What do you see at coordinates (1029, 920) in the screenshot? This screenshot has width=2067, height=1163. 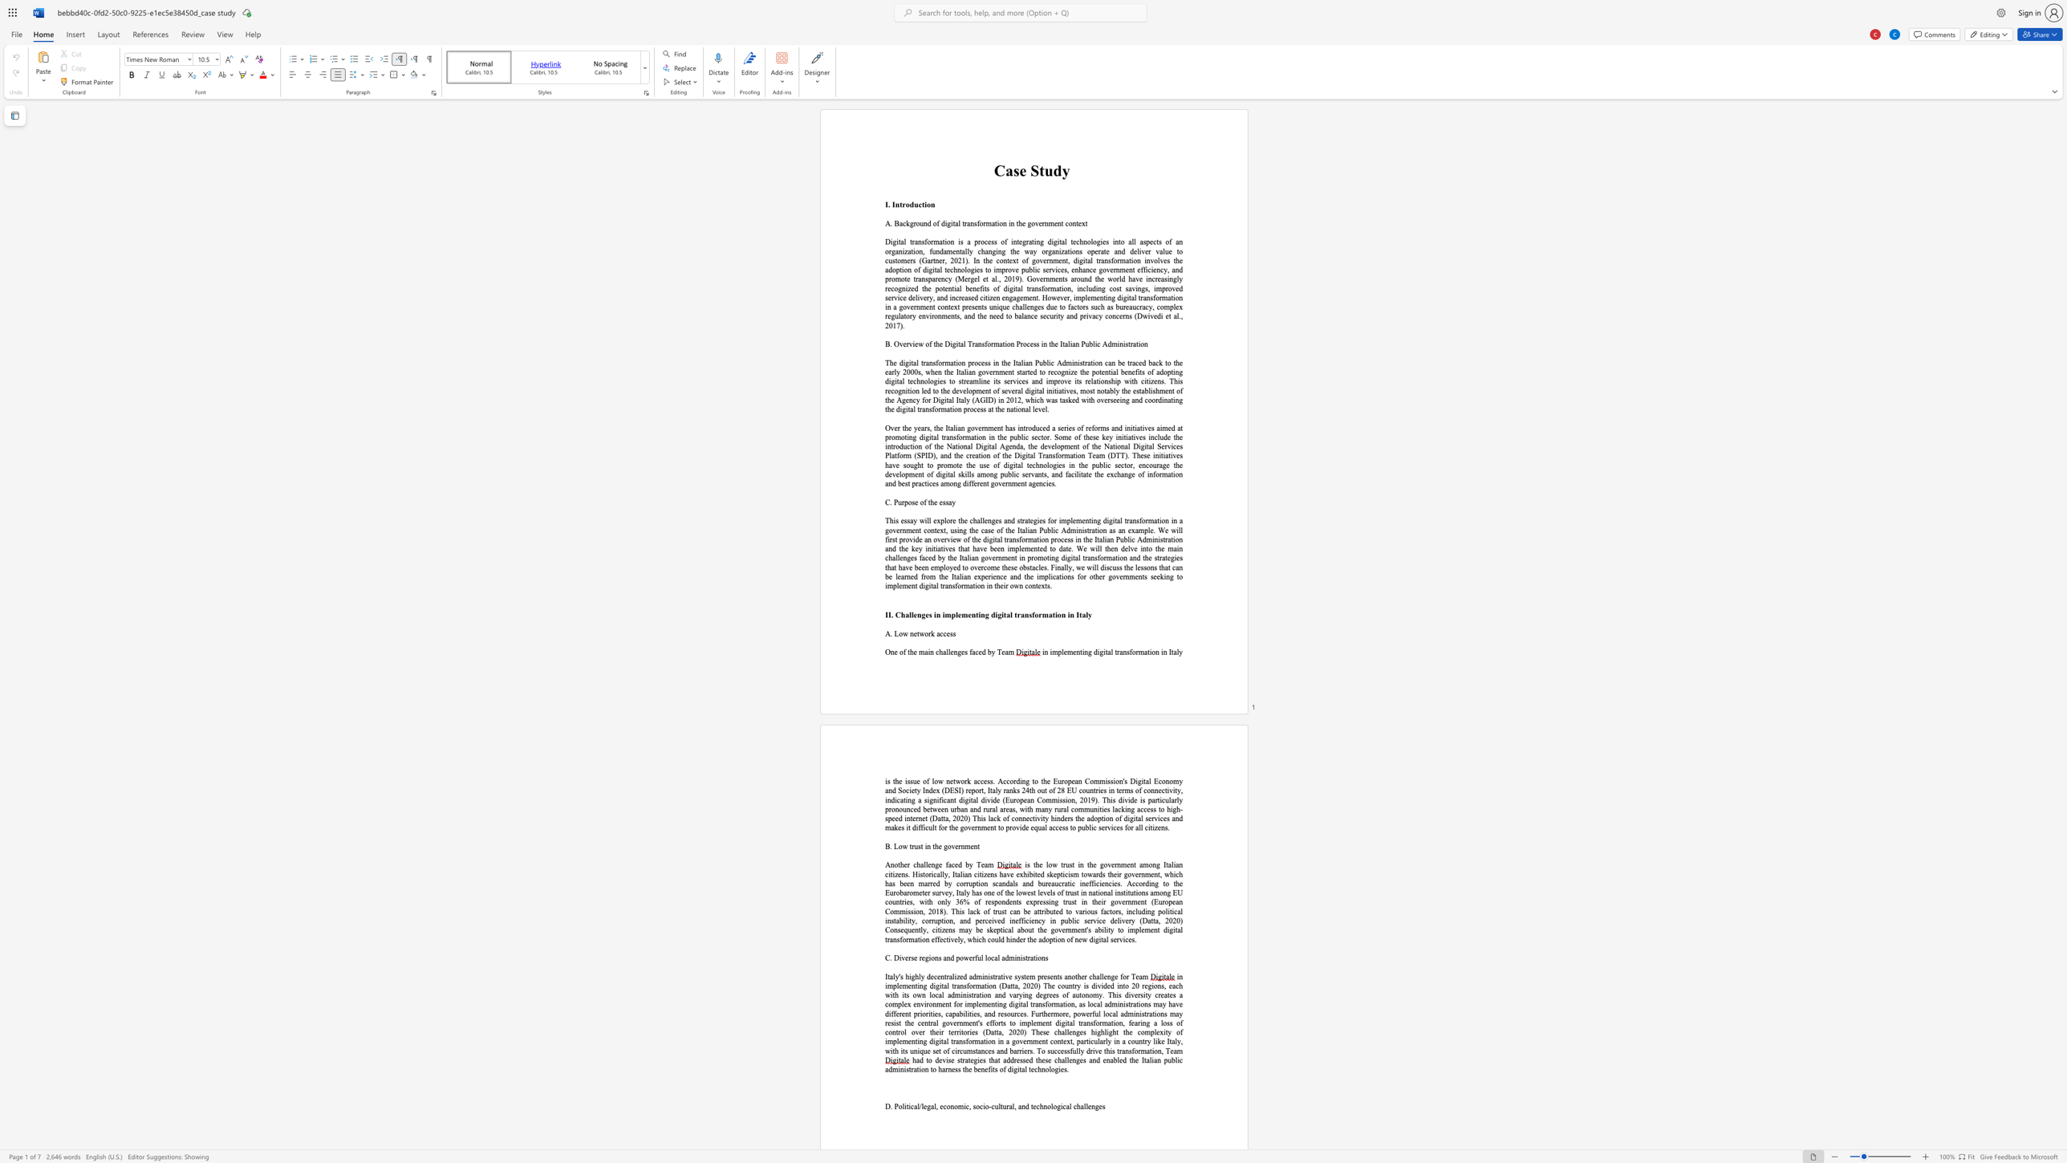 I see `the 12th character "i" in the text` at bounding box center [1029, 920].